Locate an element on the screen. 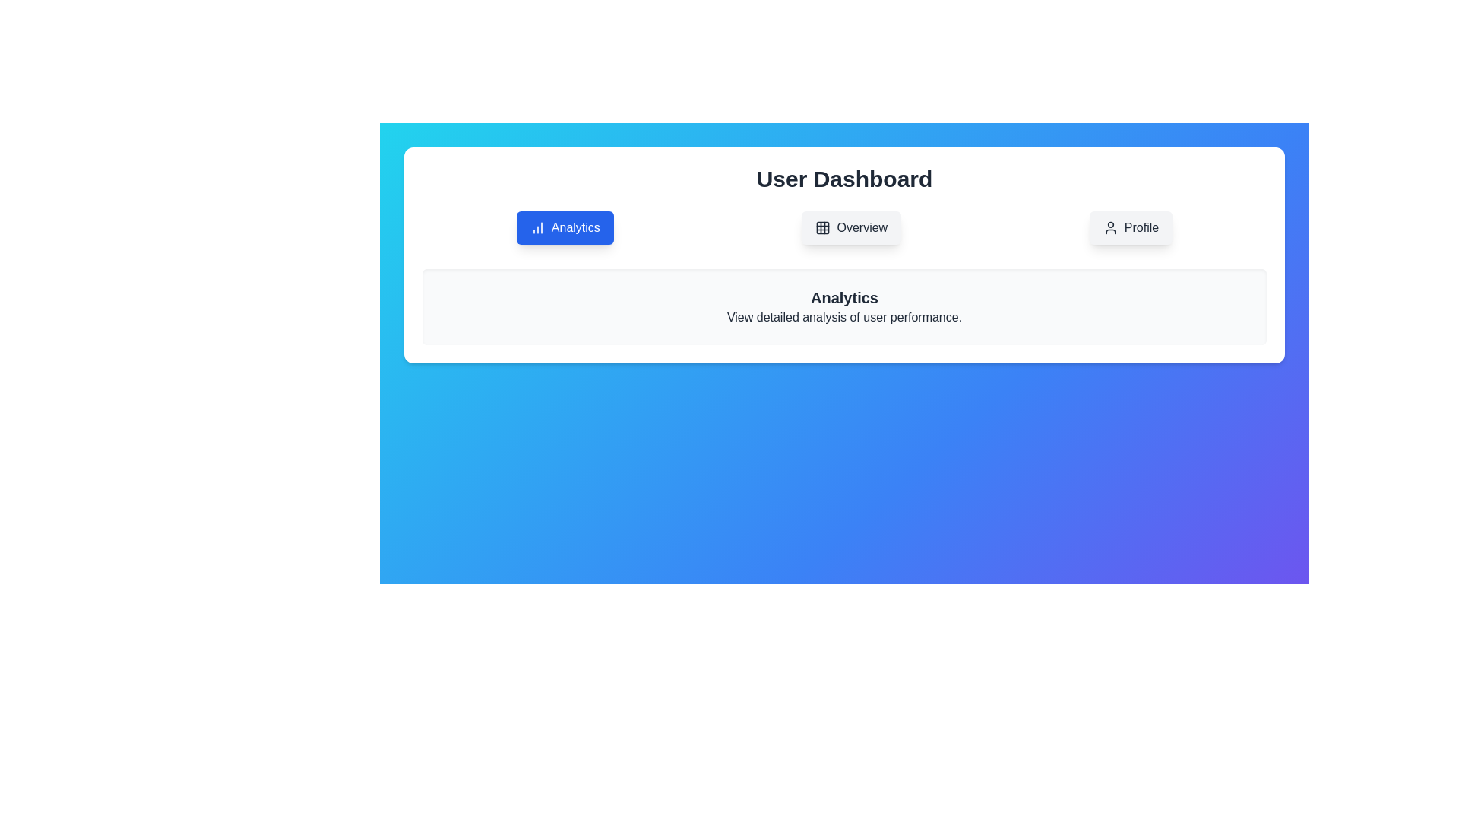  the Overview button to switch to the respective tab is located at coordinates (851, 228).